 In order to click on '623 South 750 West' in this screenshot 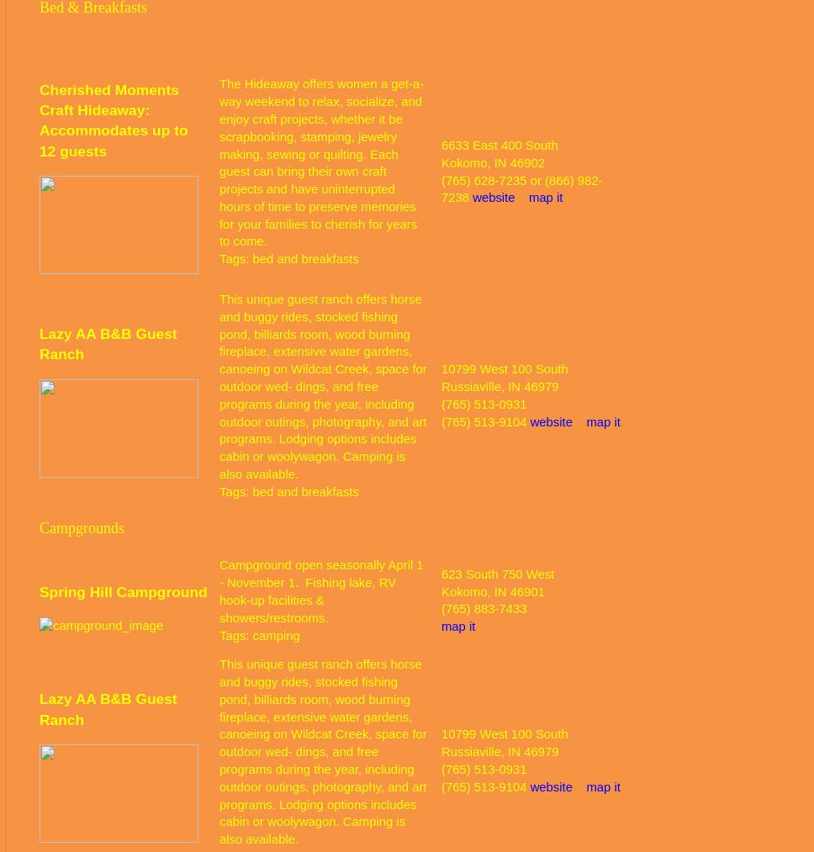, I will do `click(441, 572)`.